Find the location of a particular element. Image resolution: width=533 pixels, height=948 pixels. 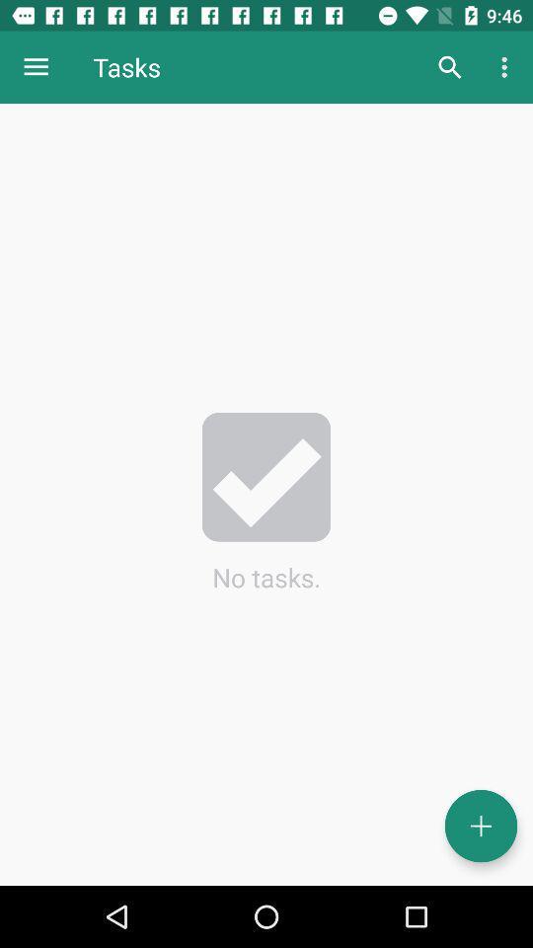

the add icon is located at coordinates (480, 826).